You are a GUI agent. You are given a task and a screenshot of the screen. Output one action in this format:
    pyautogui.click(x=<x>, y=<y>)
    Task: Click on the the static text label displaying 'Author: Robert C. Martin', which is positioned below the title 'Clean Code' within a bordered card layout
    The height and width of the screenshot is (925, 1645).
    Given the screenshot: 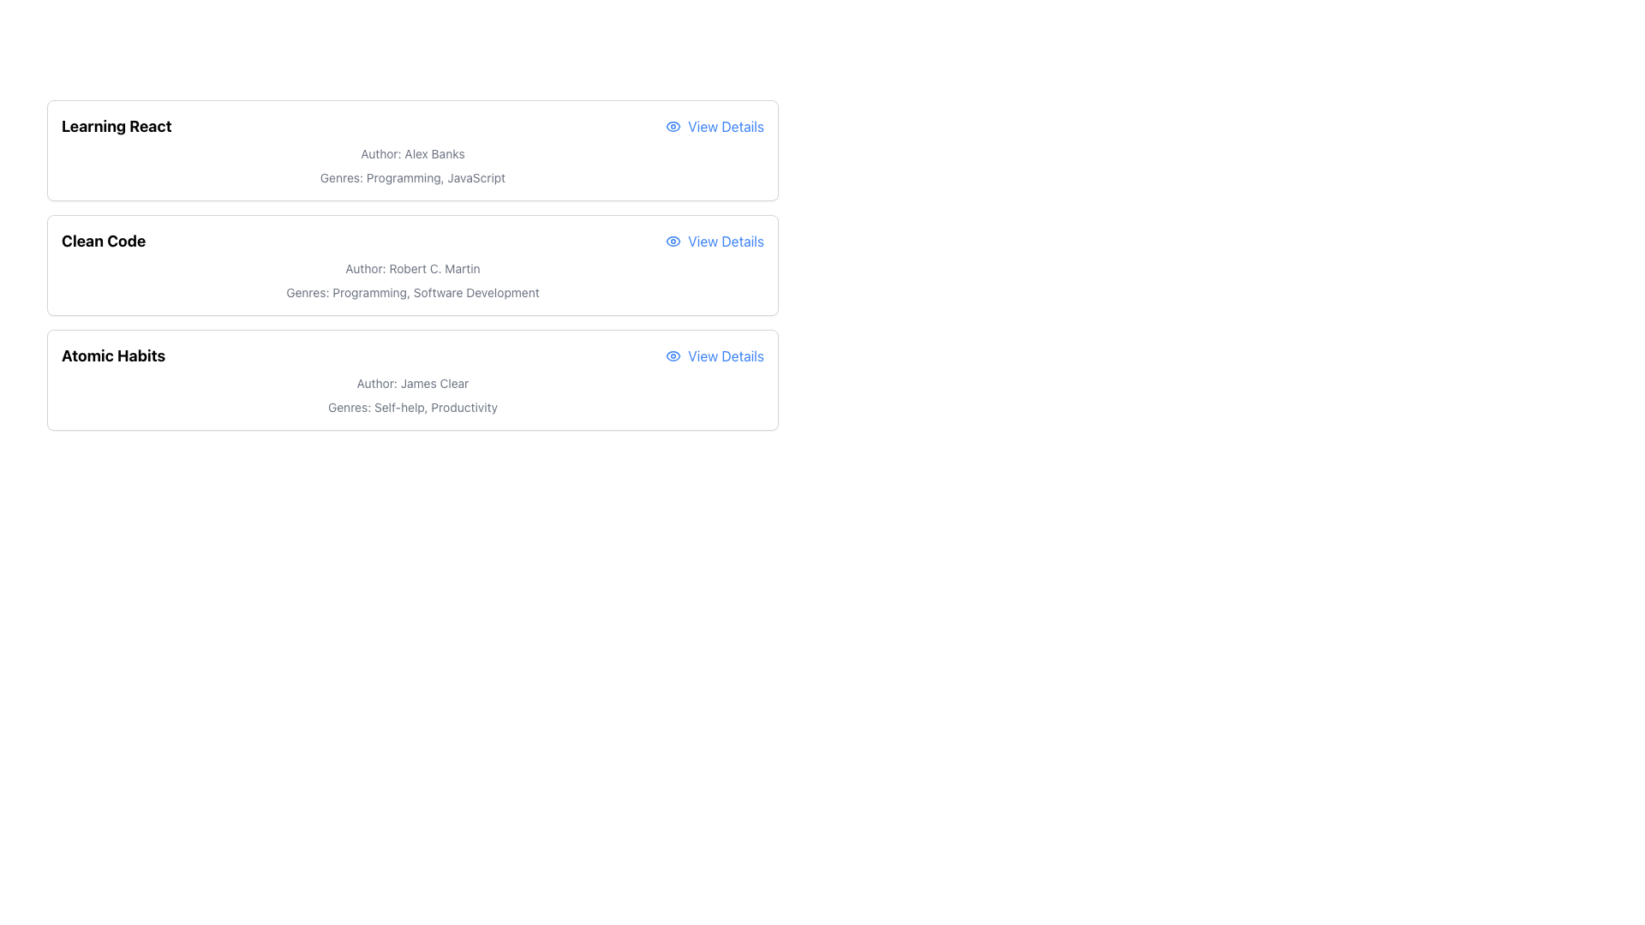 What is the action you would take?
    pyautogui.click(x=412, y=268)
    